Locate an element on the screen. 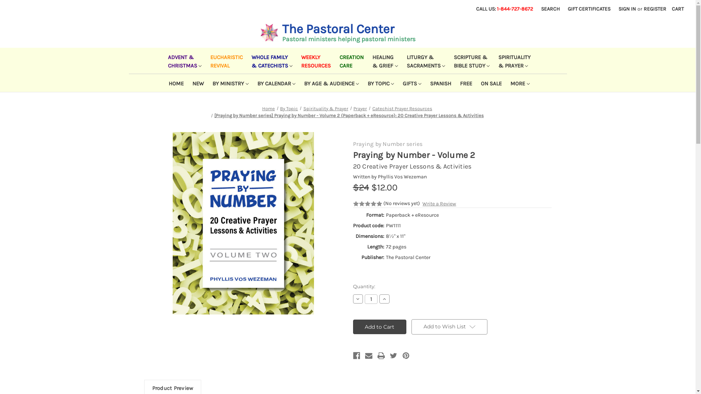 The width and height of the screenshot is (701, 394). 'SIGN IN' is located at coordinates (627, 9).